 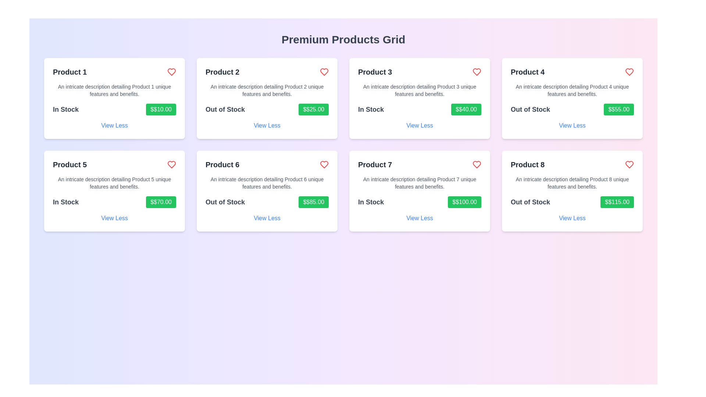 I want to click on the 'In Stock' text label, which is styled in bold dark gray and positioned to the left of a green button on the 'Product 5' card, so click(x=65, y=202).